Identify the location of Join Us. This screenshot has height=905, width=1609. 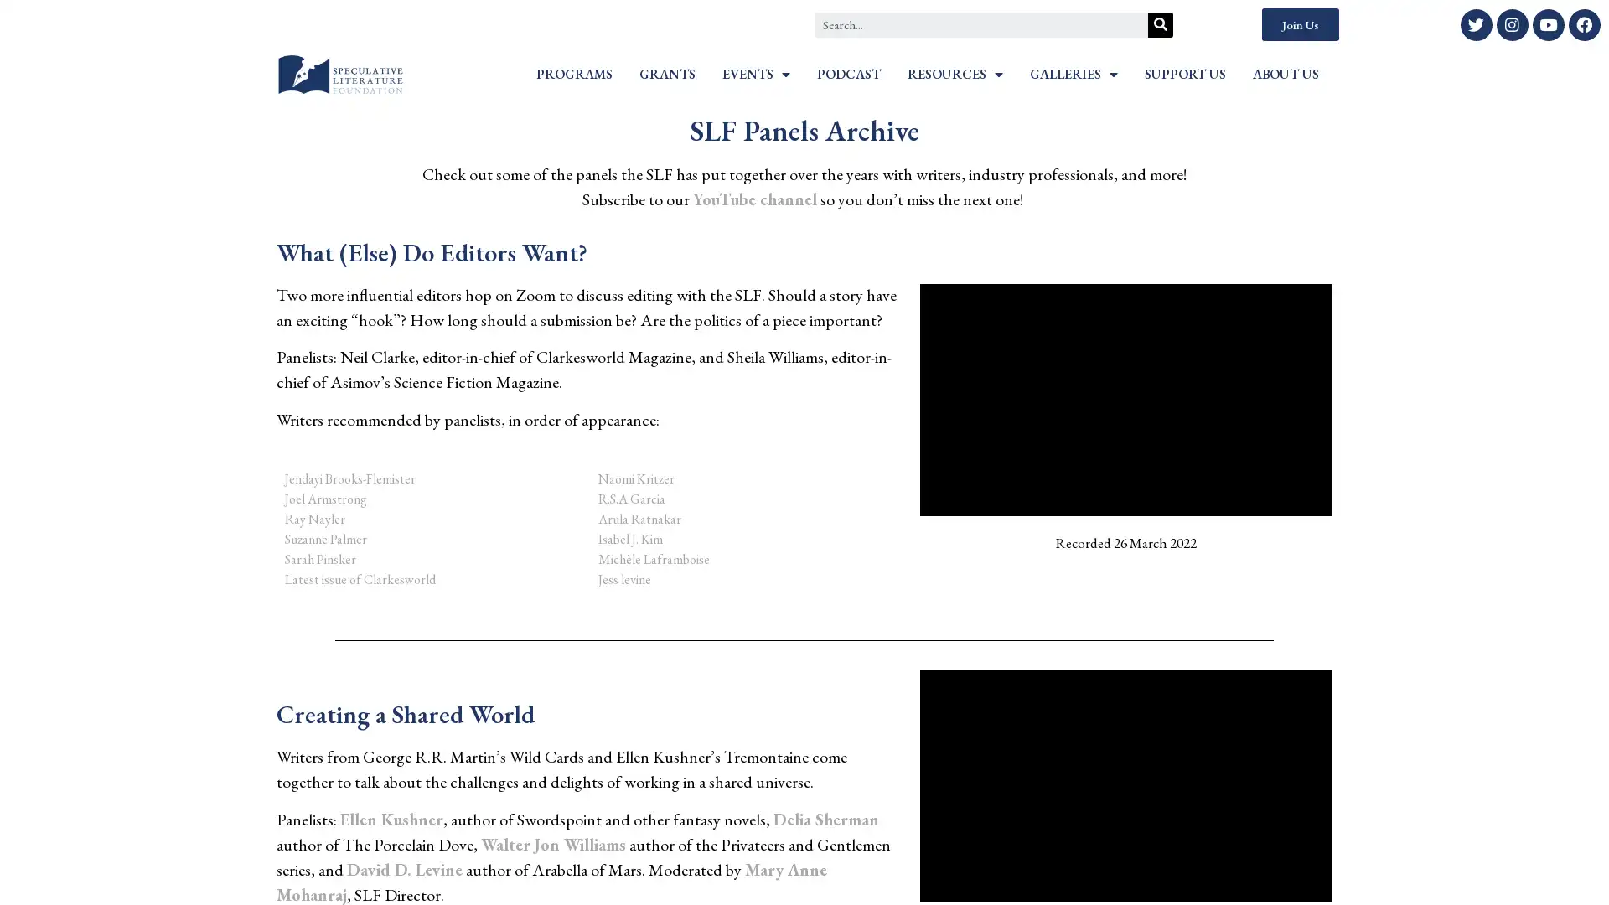
(1299, 24).